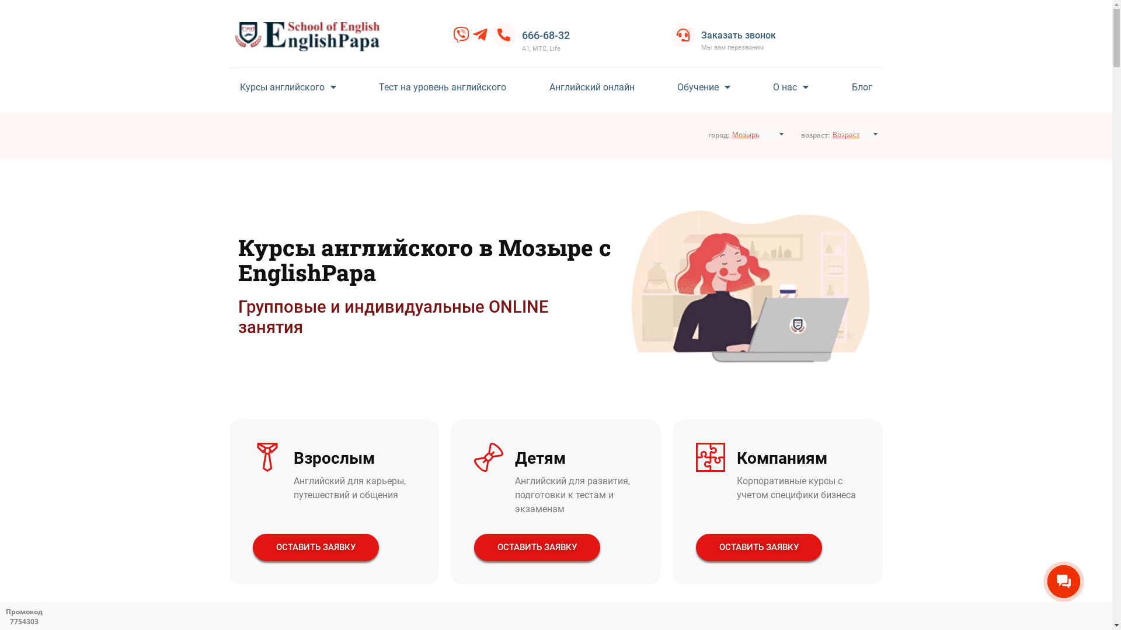 The image size is (1121, 630). What do you see at coordinates (545, 34) in the screenshot?
I see `'666-68-32'` at bounding box center [545, 34].